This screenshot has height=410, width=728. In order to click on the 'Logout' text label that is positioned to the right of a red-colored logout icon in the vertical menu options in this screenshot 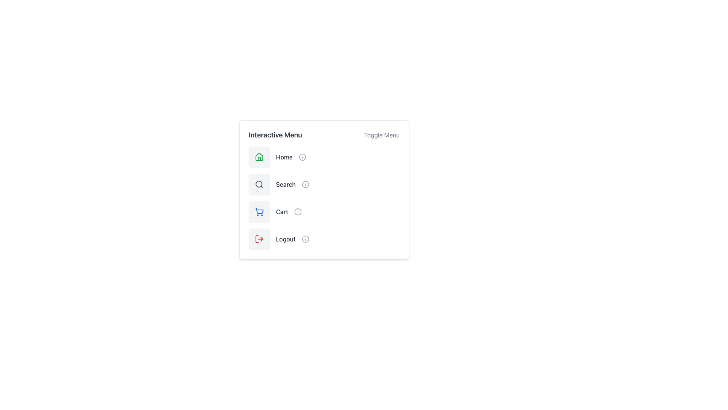, I will do `click(285, 238)`.